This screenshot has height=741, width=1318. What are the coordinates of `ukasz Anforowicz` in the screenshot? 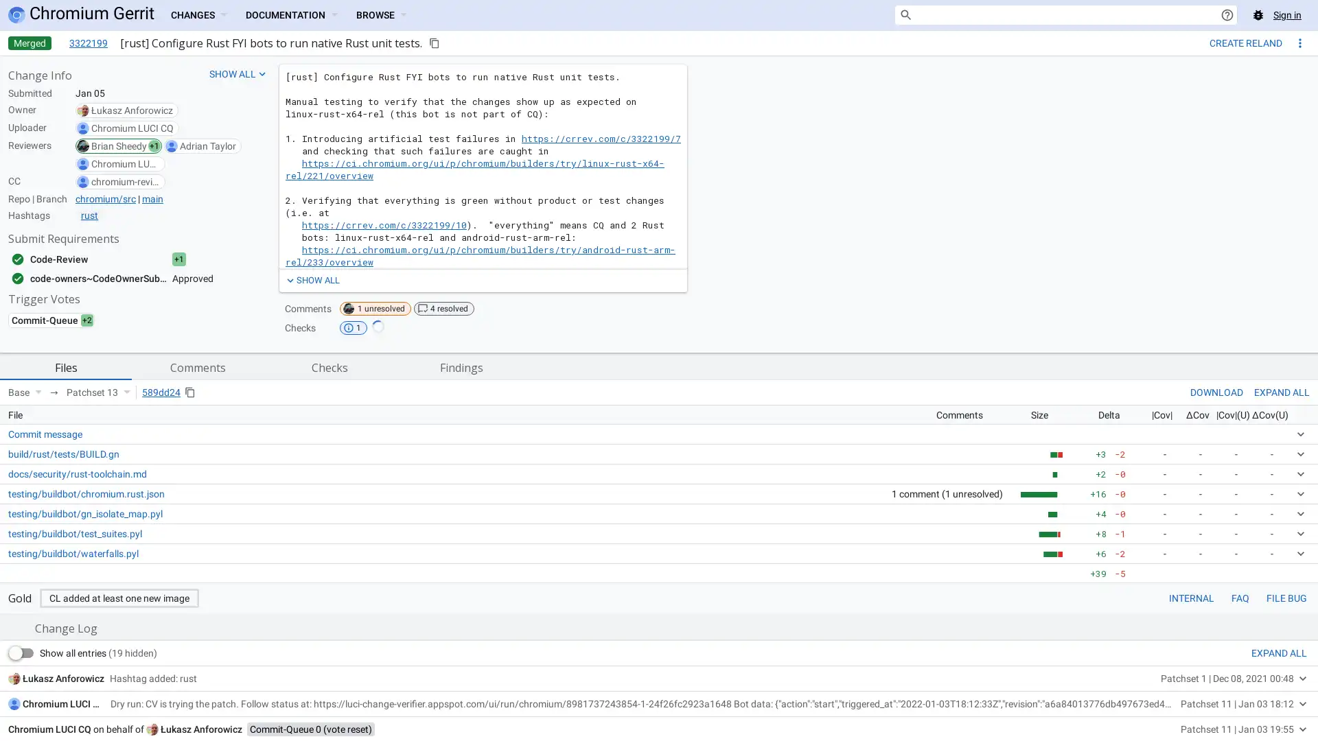 It's located at (132, 110).